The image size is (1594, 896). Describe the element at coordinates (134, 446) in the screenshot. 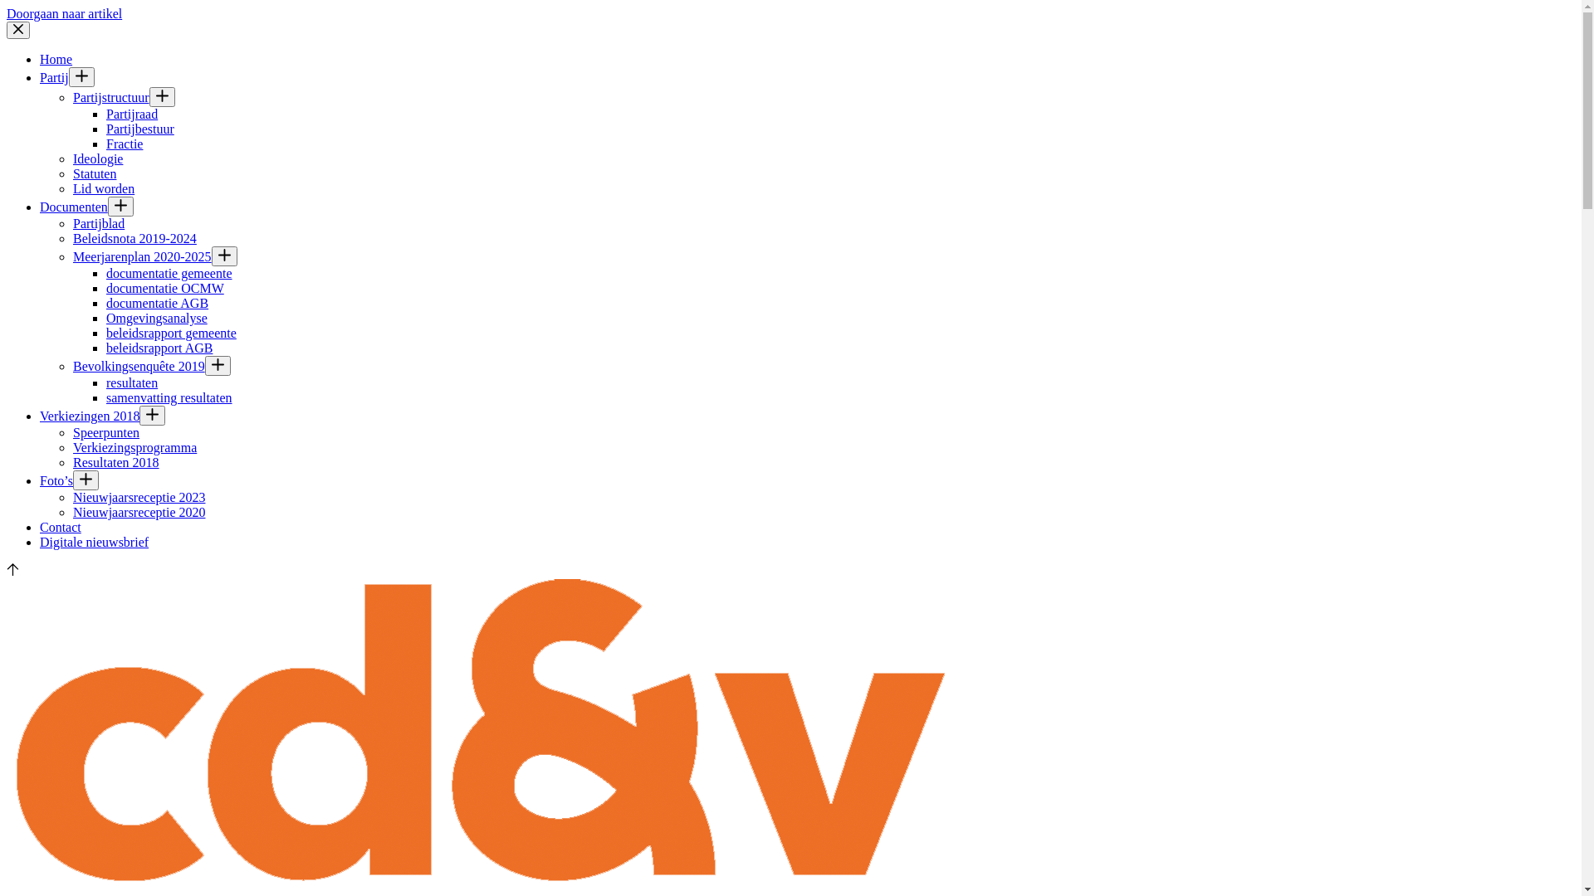

I see `'Verkiezingsprogramma'` at that location.